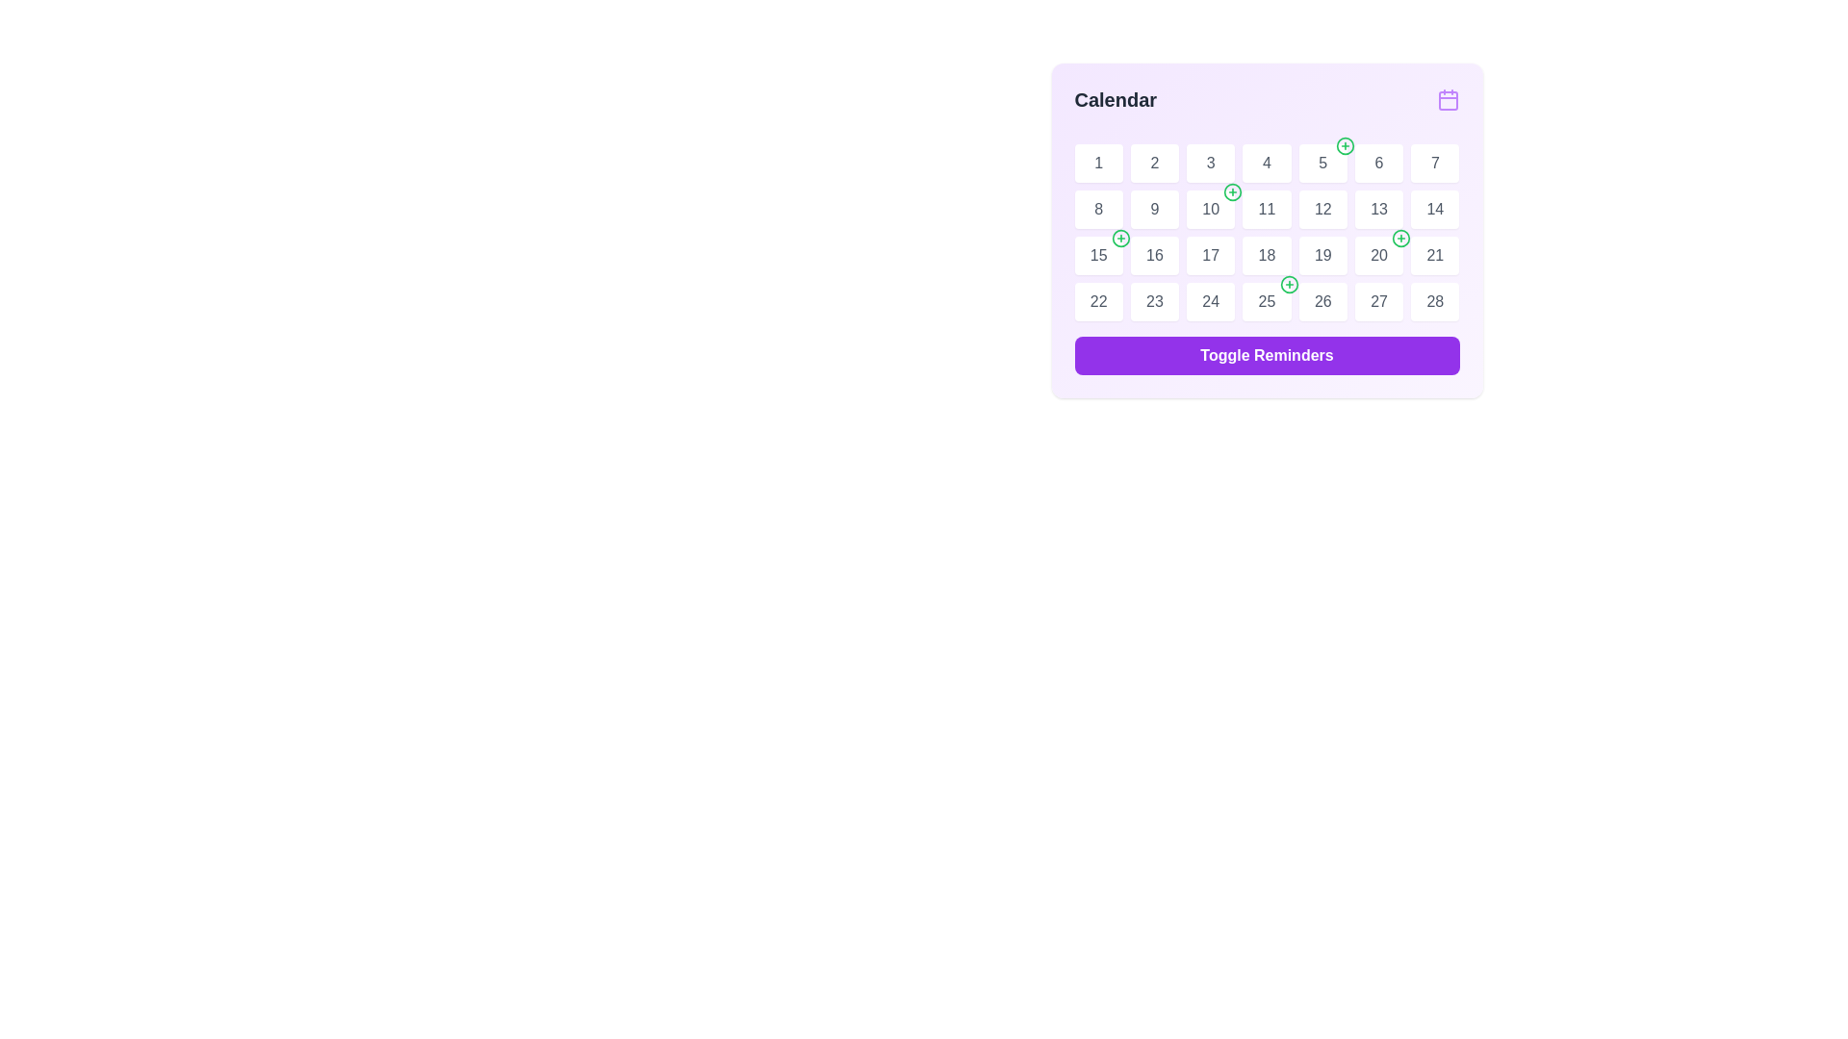 This screenshot has height=1039, width=1848. What do you see at coordinates (1267, 210) in the screenshot?
I see `the non-interactive label representing the calendar date '11' in the calendar interface, located in the second row and fourth column under the 'Calendar' label` at bounding box center [1267, 210].